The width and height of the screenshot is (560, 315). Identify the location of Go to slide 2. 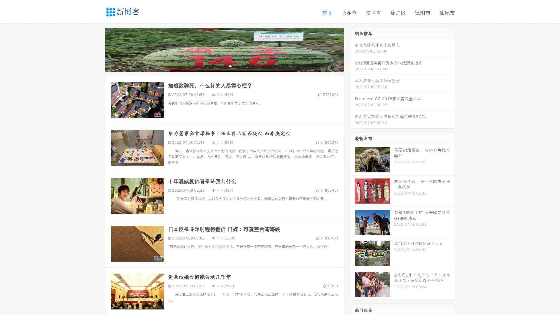
(224, 66).